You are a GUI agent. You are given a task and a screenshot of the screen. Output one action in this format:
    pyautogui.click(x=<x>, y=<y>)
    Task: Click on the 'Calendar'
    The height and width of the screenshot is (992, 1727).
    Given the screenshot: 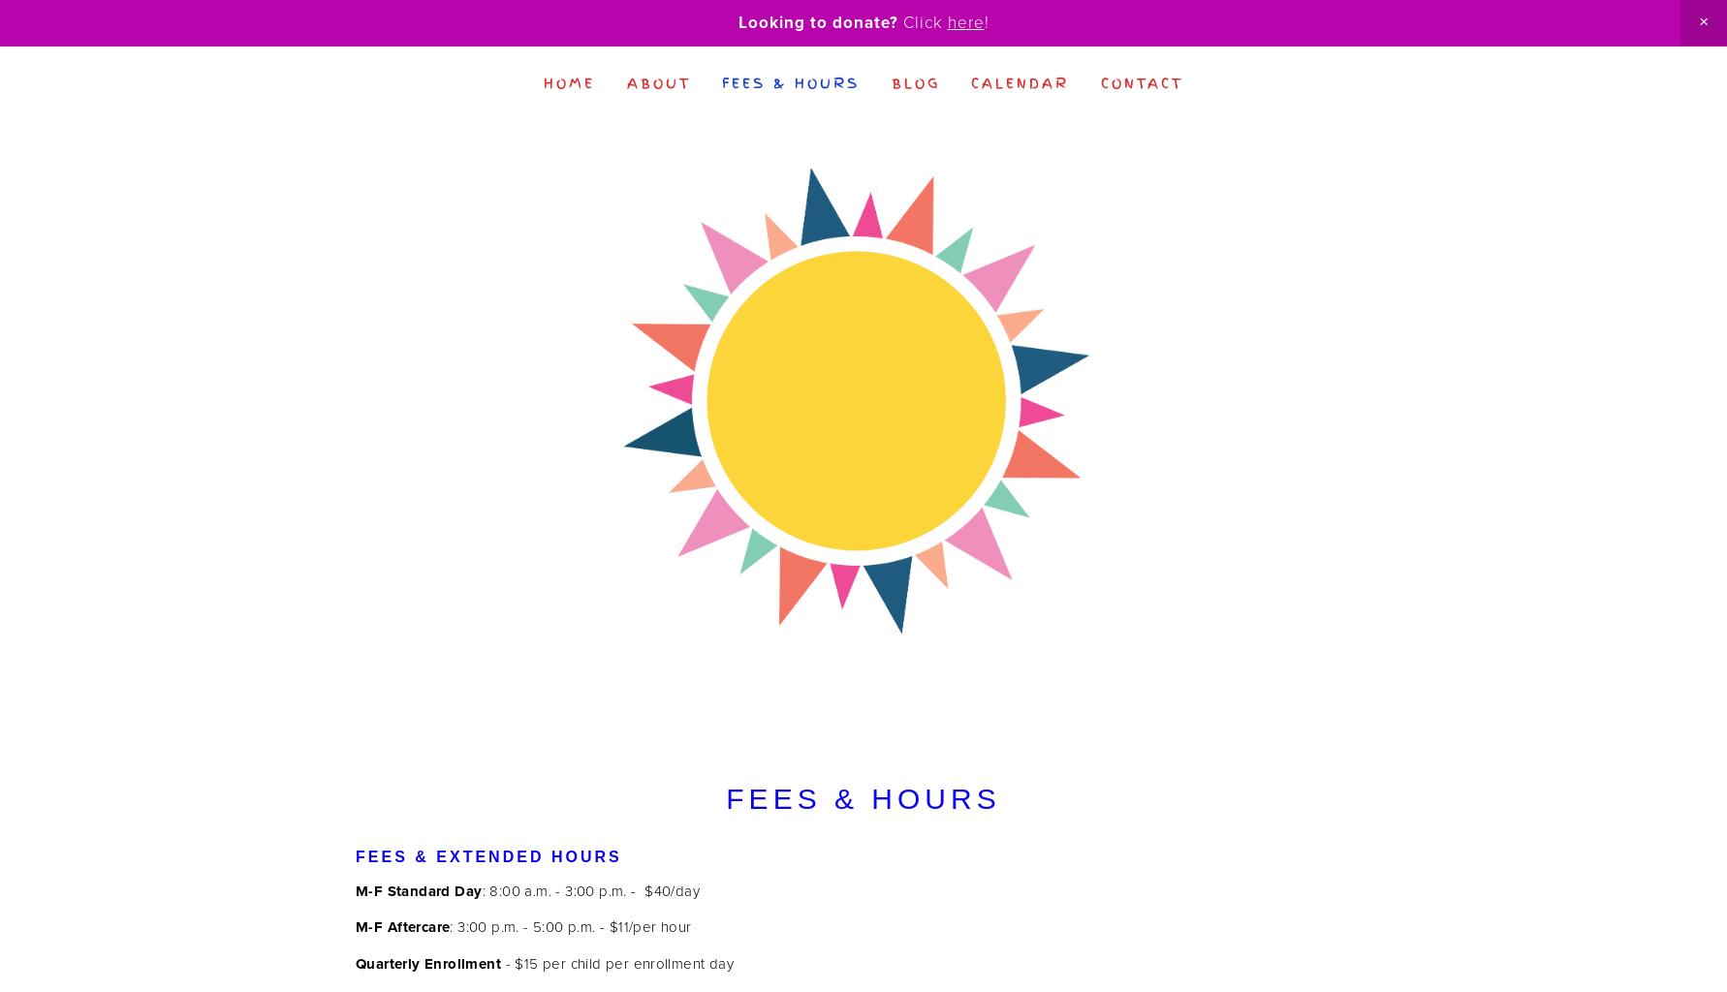 What is the action you would take?
    pyautogui.click(x=1019, y=80)
    